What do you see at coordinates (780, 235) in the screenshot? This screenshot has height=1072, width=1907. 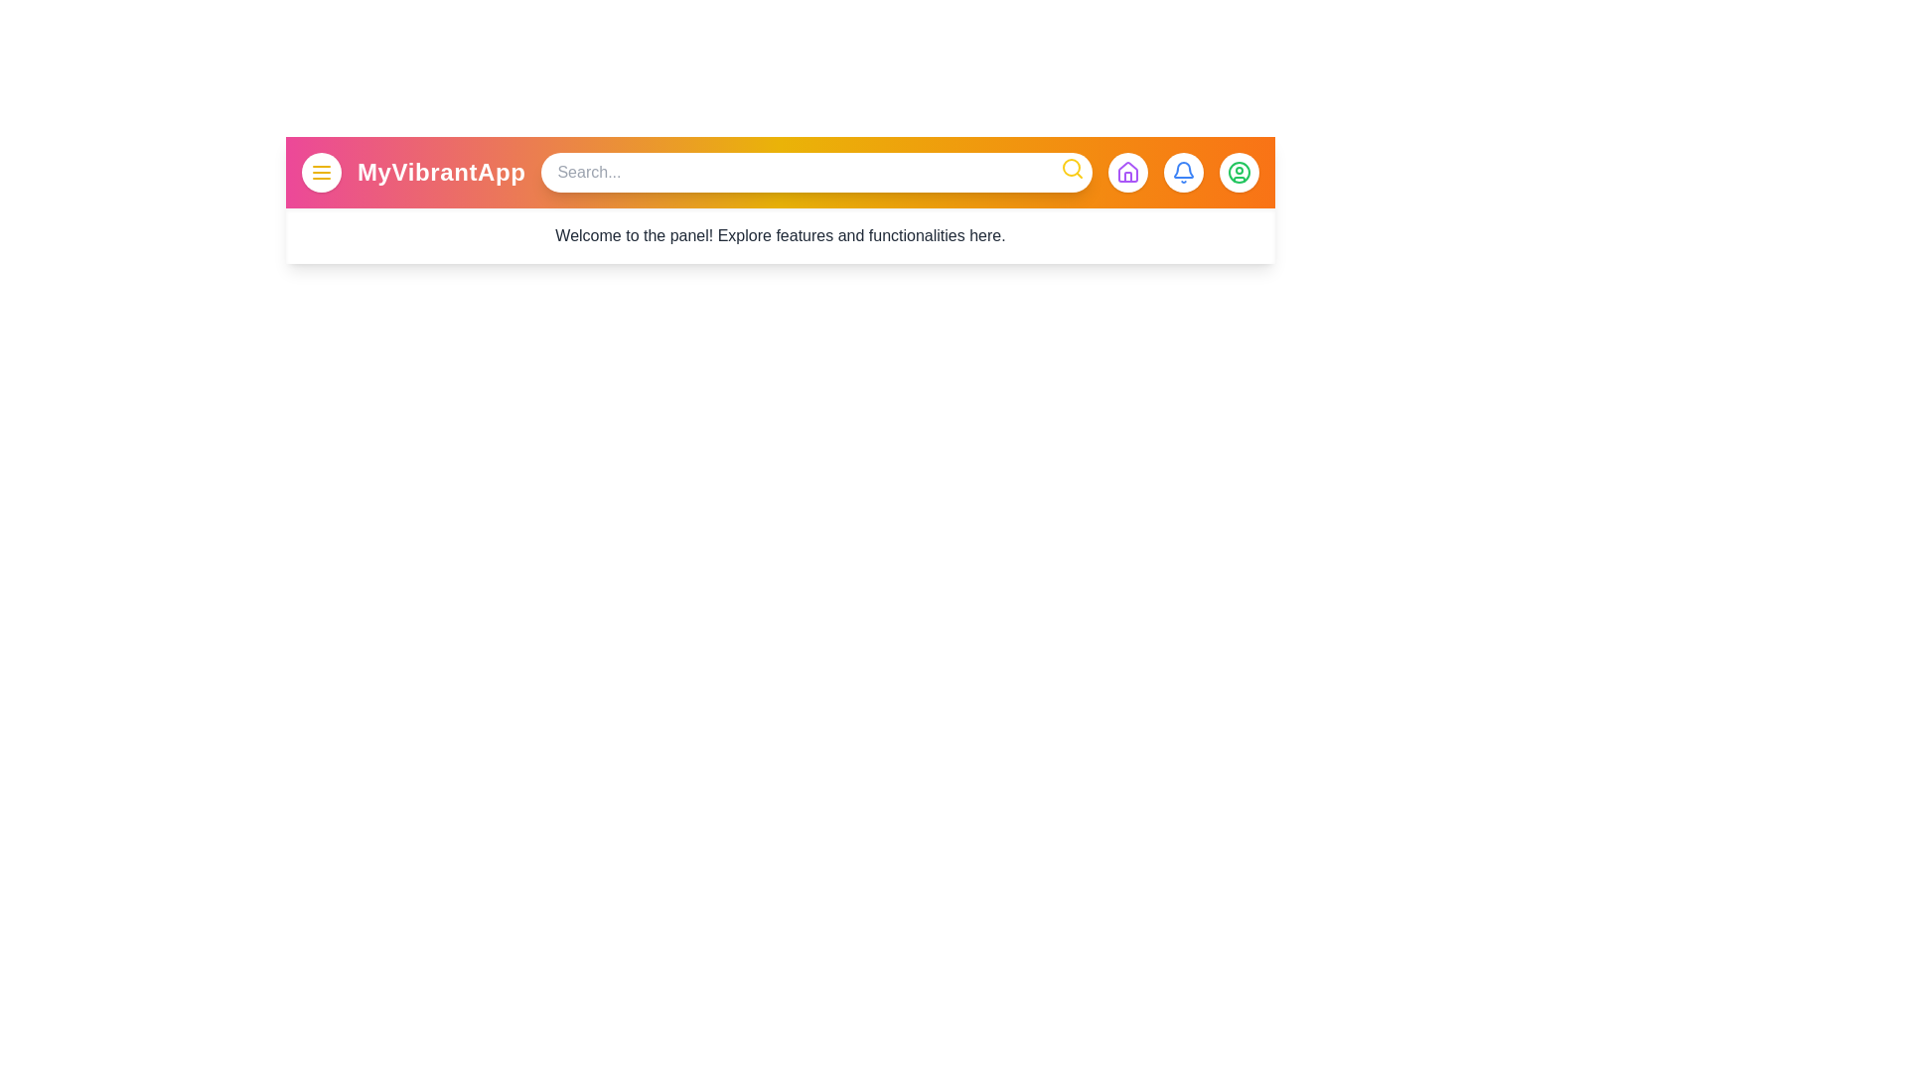 I see `the welcome panel text to interact with it` at bounding box center [780, 235].